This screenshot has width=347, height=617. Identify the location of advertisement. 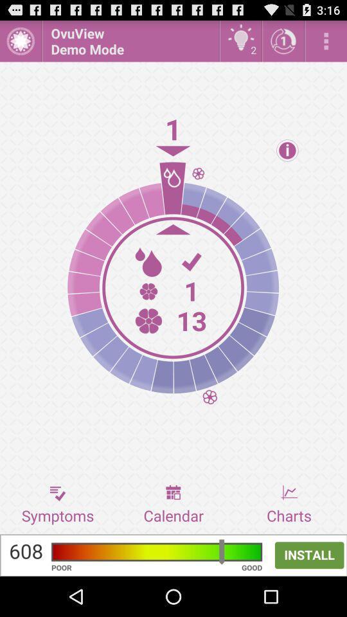
(173, 555).